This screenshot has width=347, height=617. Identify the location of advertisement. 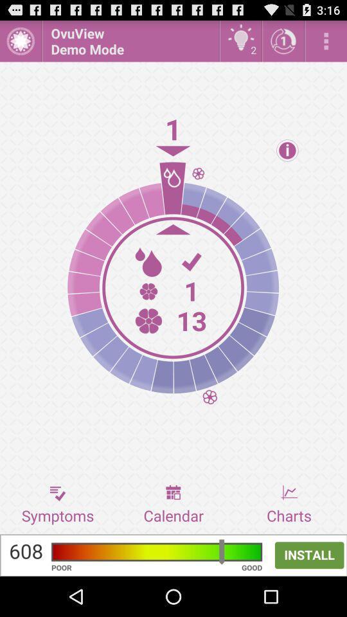
(173, 555).